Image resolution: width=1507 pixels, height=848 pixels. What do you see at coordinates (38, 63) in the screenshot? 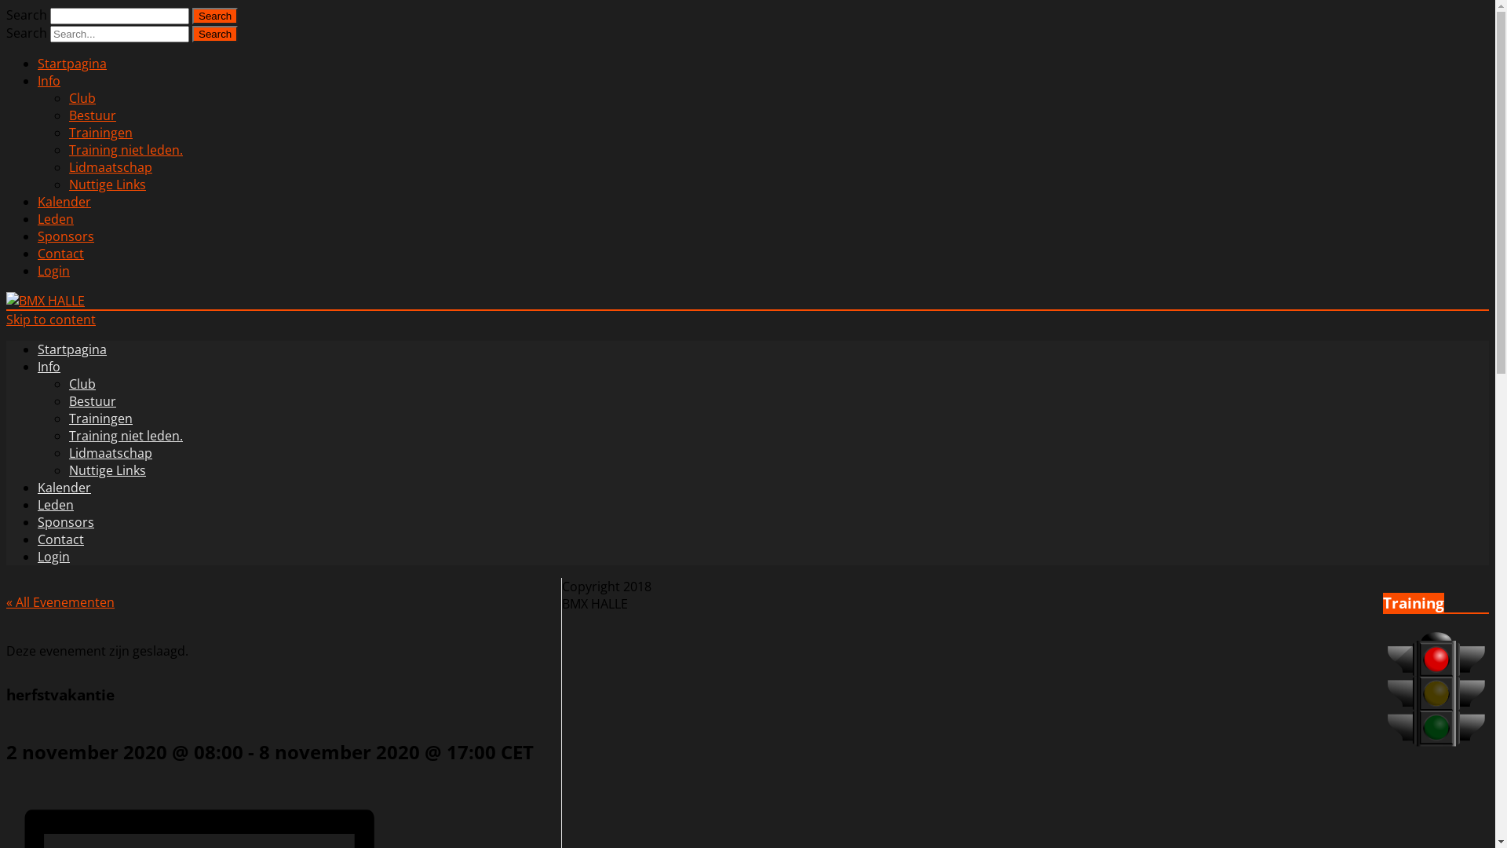
I see `'Startpagina'` at bounding box center [38, 63].